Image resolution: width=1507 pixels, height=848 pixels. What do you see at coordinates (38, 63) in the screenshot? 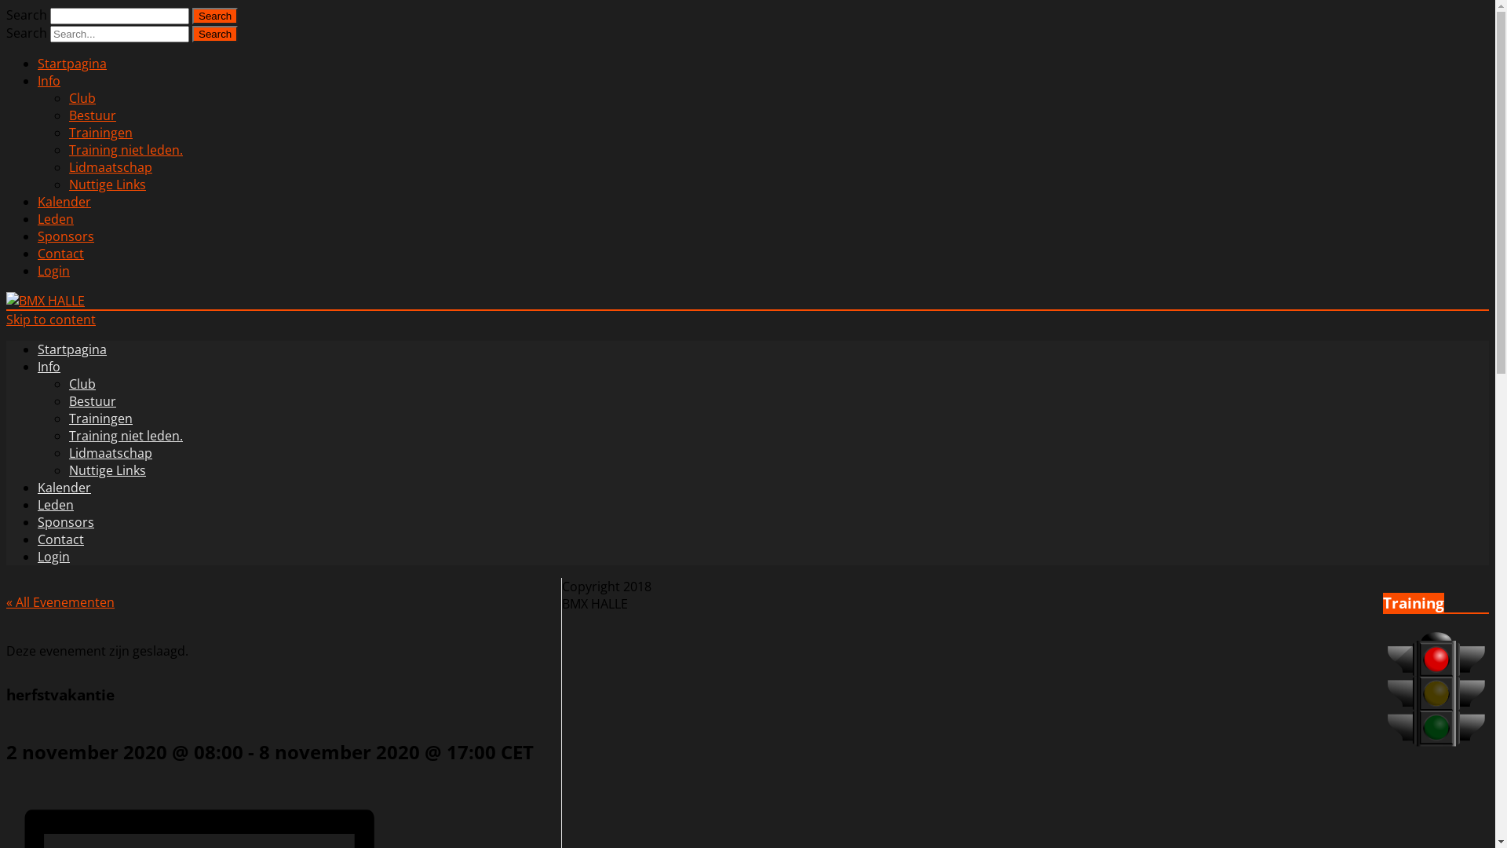
I see `'Startpagina'` at bounding box center [38, 63].